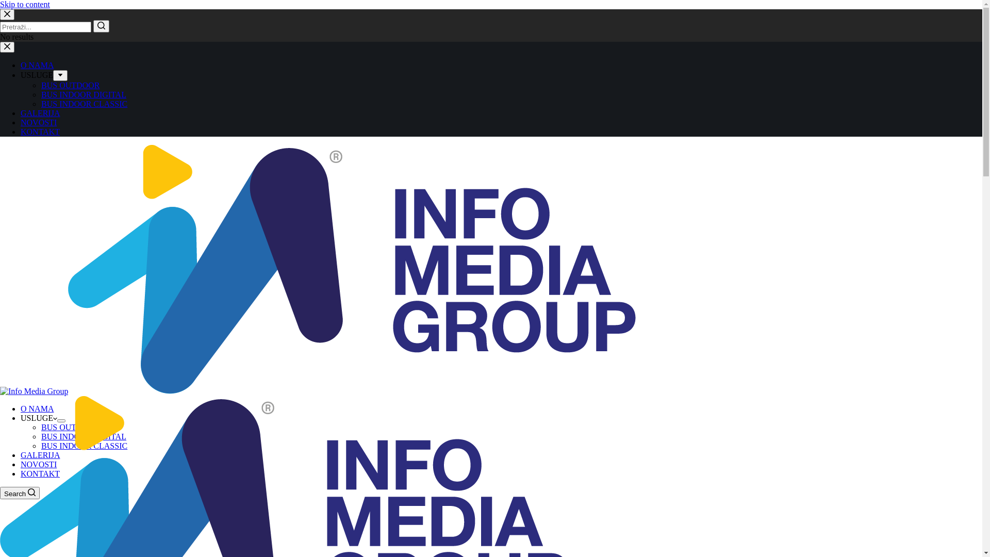 This screenshot has height=557, width=990. Describe the element at coordinates (20, 473) in the screenshot. I see `'KONTAKT'` at that location.